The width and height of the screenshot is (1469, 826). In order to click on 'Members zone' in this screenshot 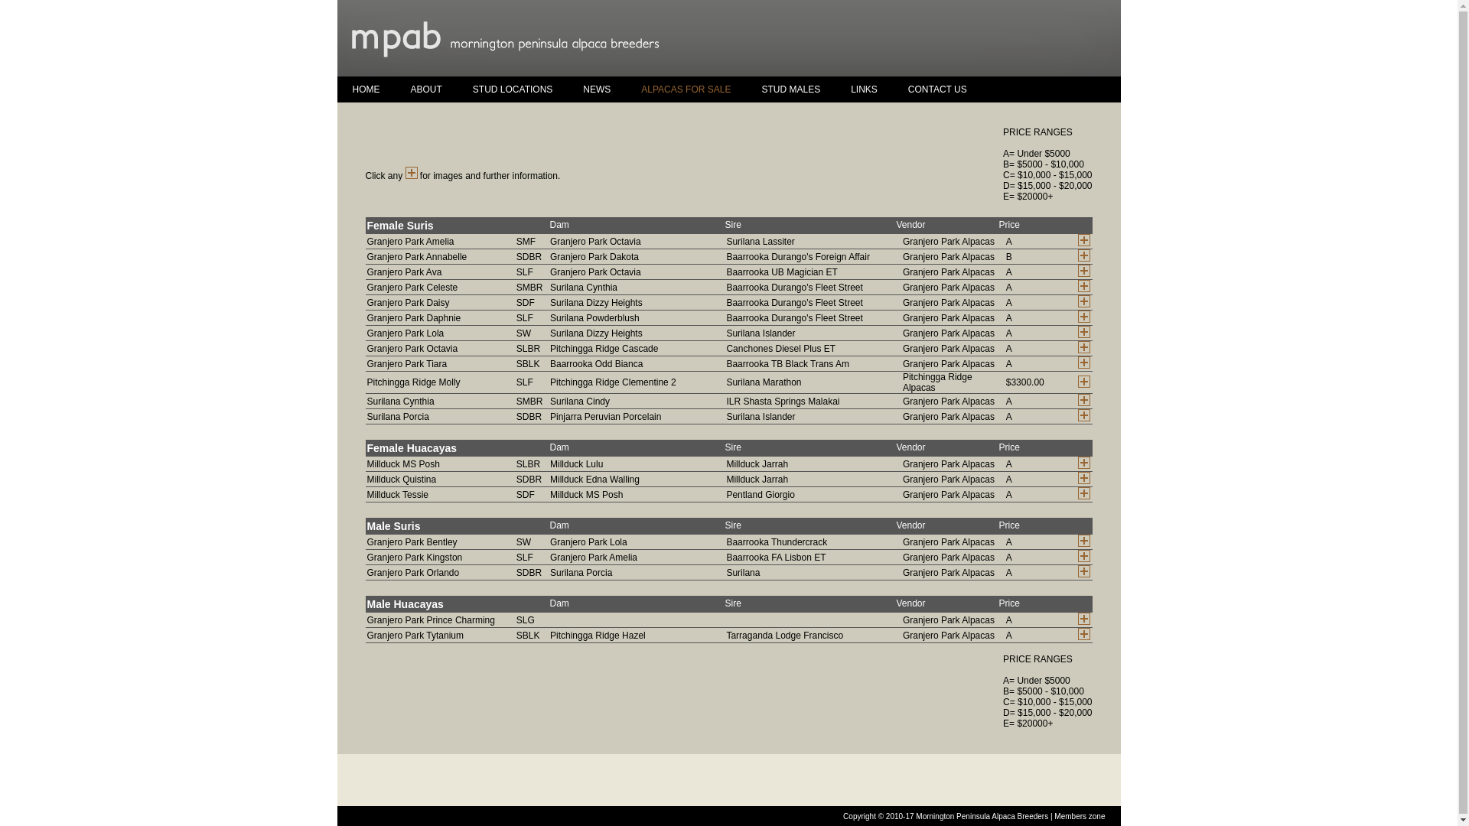, I will do `click(1079, 815)`.